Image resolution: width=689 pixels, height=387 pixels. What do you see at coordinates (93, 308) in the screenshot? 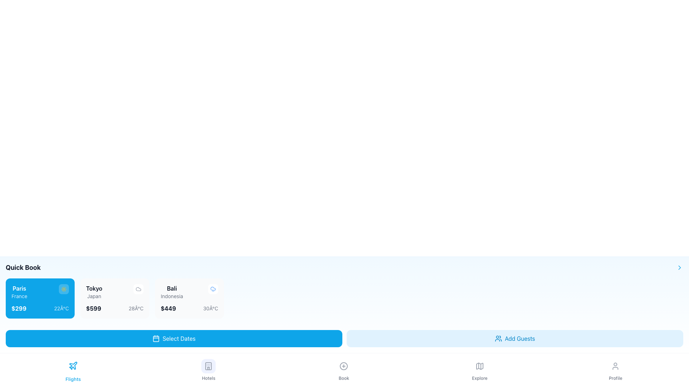
I see `the label displaying the price '$599' which is located to the left of the temperature label '28°C' in the Tokyo, Japan details panel` at bounding box center [93, 308].